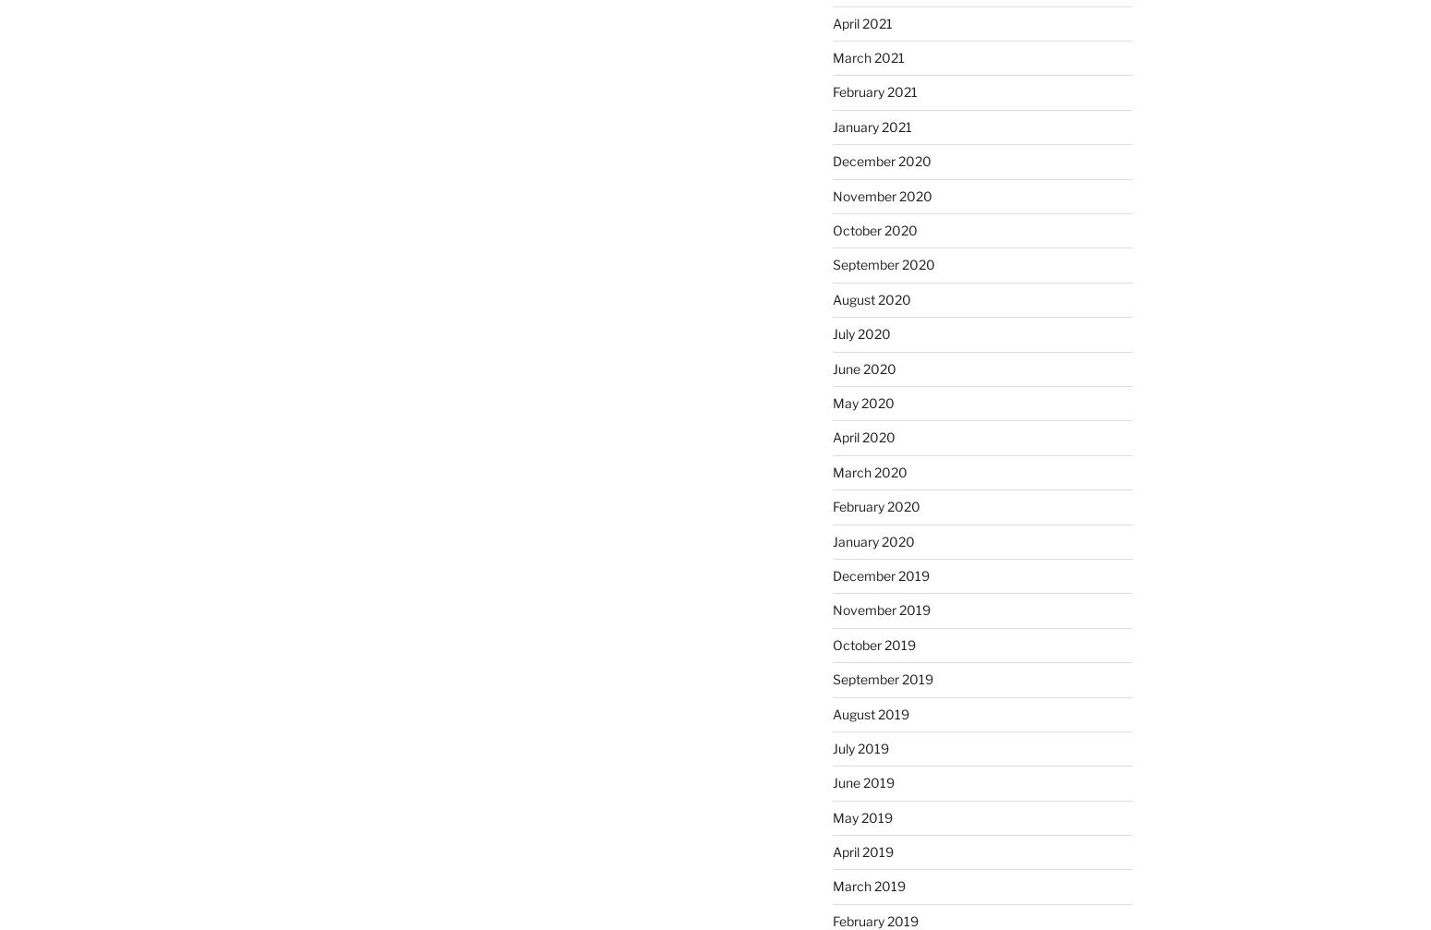  Describe the element at coordinates (873, 230) in the screenshot. I see `'October 2020'` at that location.